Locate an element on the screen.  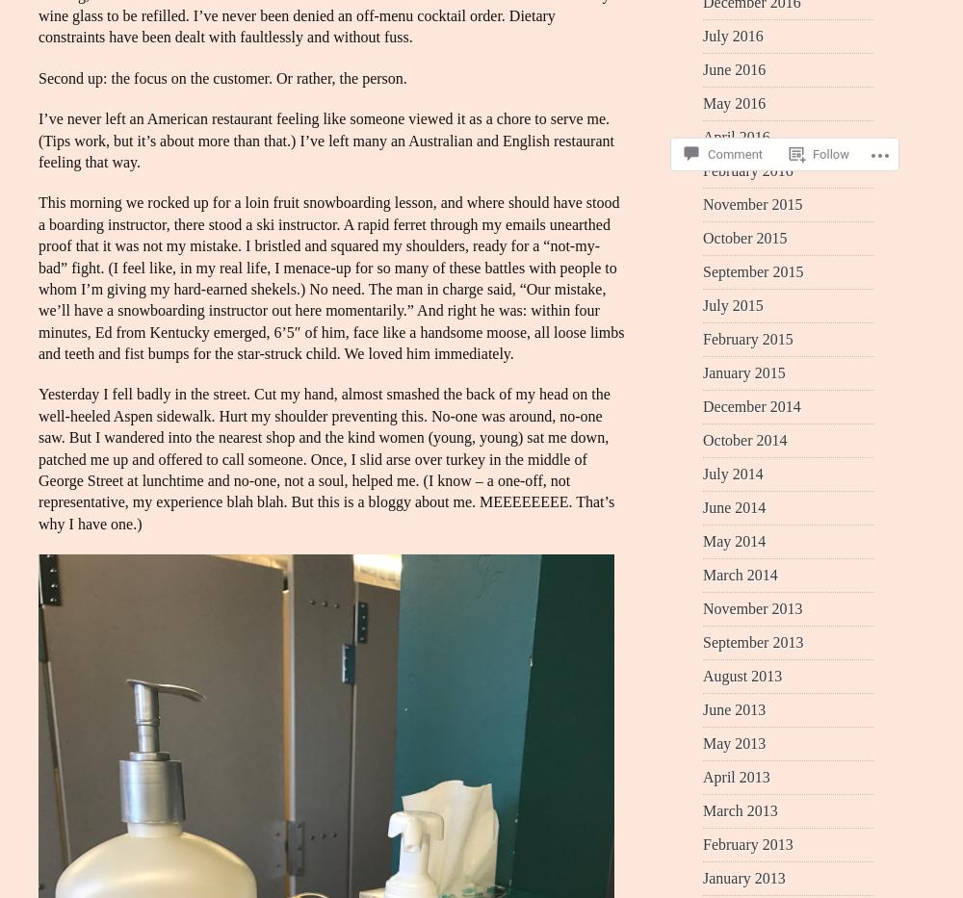
'February 2015' is located at coordinates (747, 337).